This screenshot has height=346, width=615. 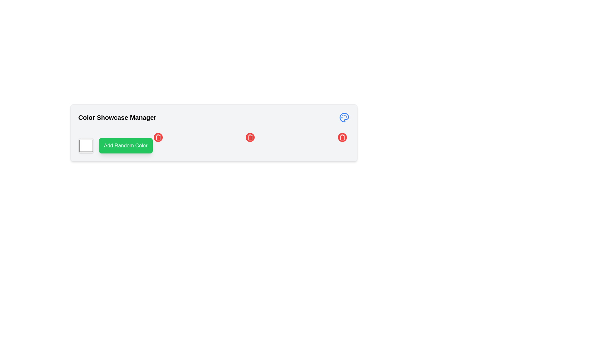 I want to click on the paint palette icon located in the top-right corner of the interface, which symbolizes color-related functionalities, so click(x=344, y=117).